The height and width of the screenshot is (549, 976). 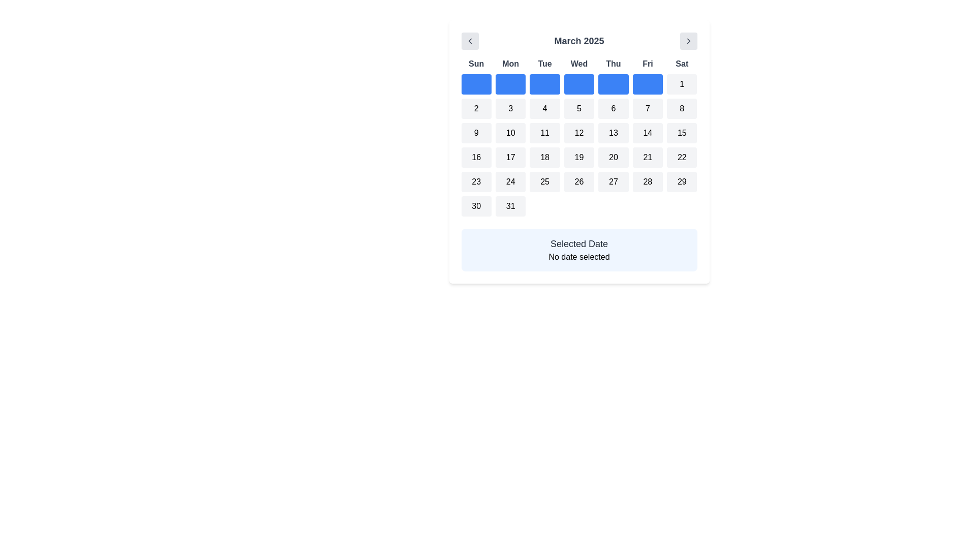 I want to click on text content of the Label/Text Display that shows the current month and year in the calendar interface header, positioned centrally between the left and right chevron buttons, so click(x=579, y=41).